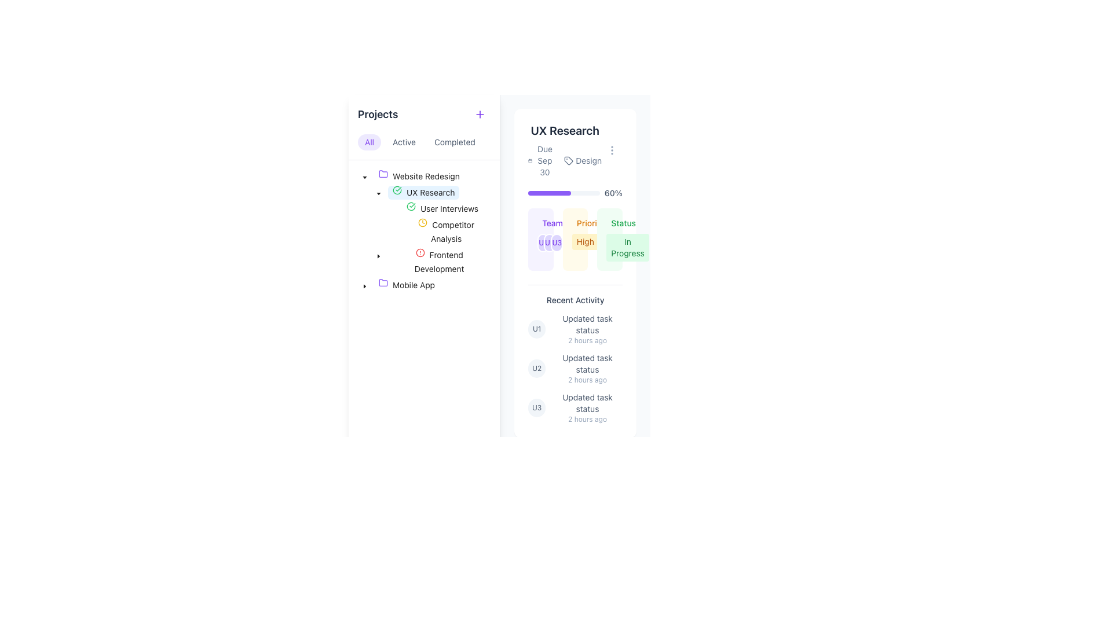 The width and height of the screenshot is (1112, 625). I want to click on the static text element displaying 'U1' located in the right panel under the 'Recent Activity' section, so click(536, 329).